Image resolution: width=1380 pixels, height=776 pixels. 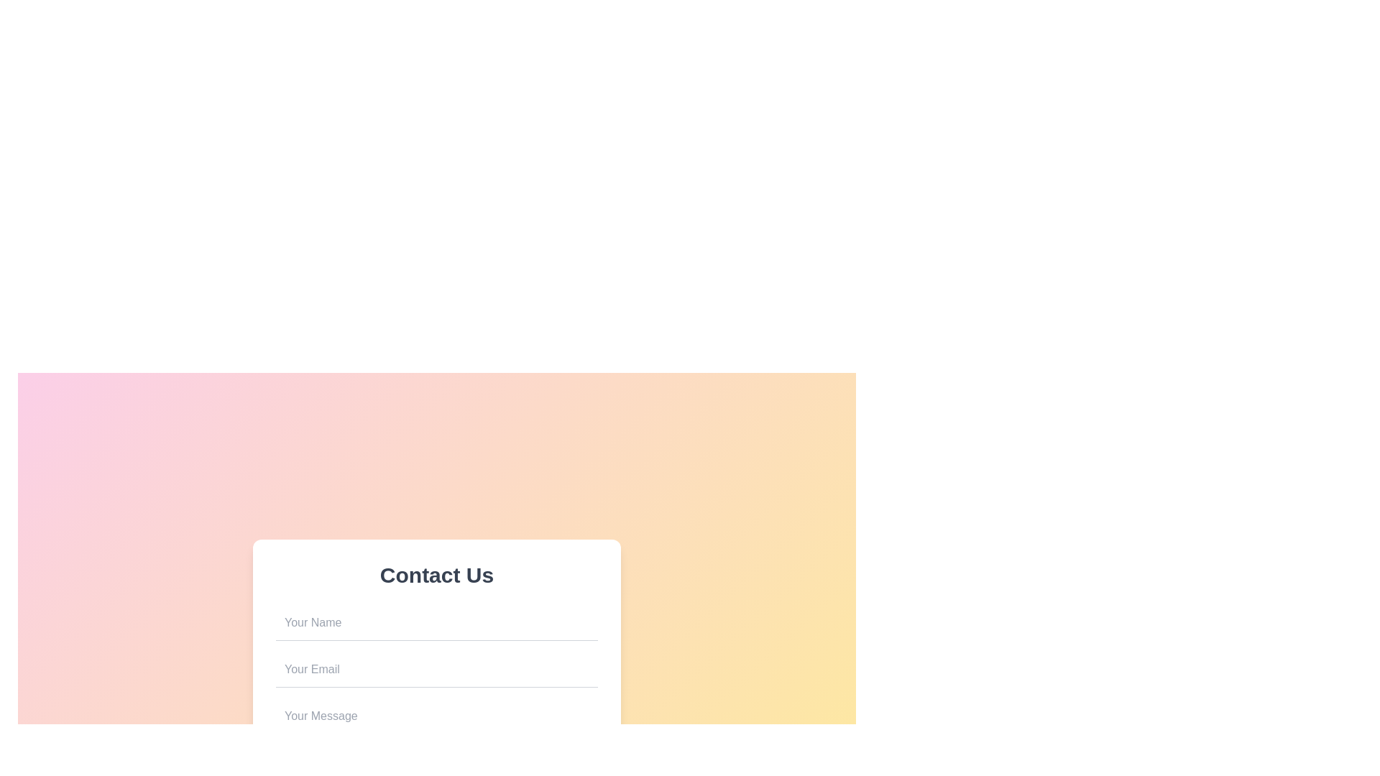 I want to click on to select text within the text input field labeled 'Your Name', which is styled with light gray borders and located at the top of the form section, so click(x=436, y=622).